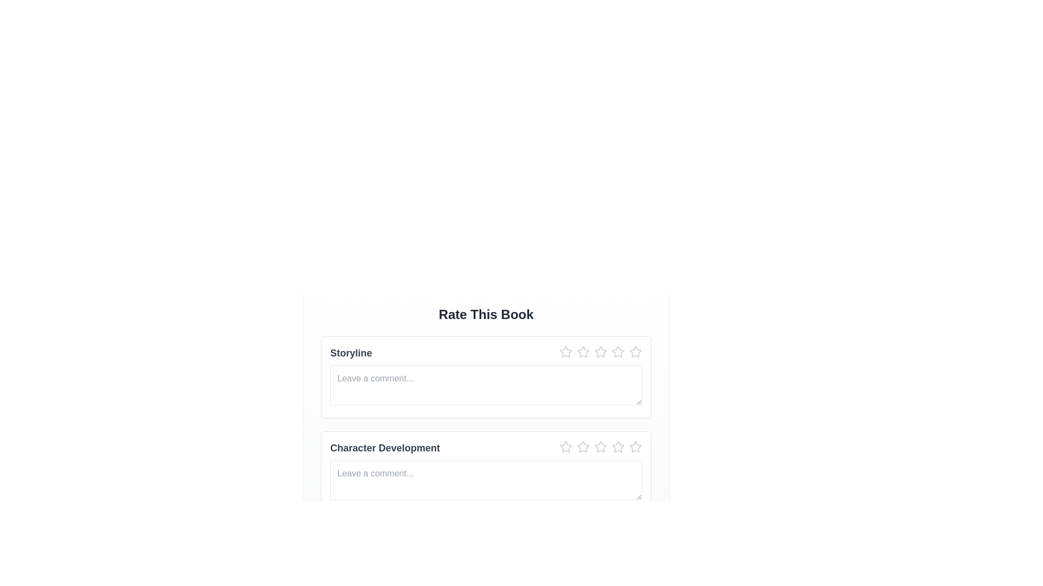 The image size is (1043, 586). Describe the element at coordinates (583, 447) in the screenshot. I see `the second star icon in the rating system under the 'Character Development' section to rate it` at that location.